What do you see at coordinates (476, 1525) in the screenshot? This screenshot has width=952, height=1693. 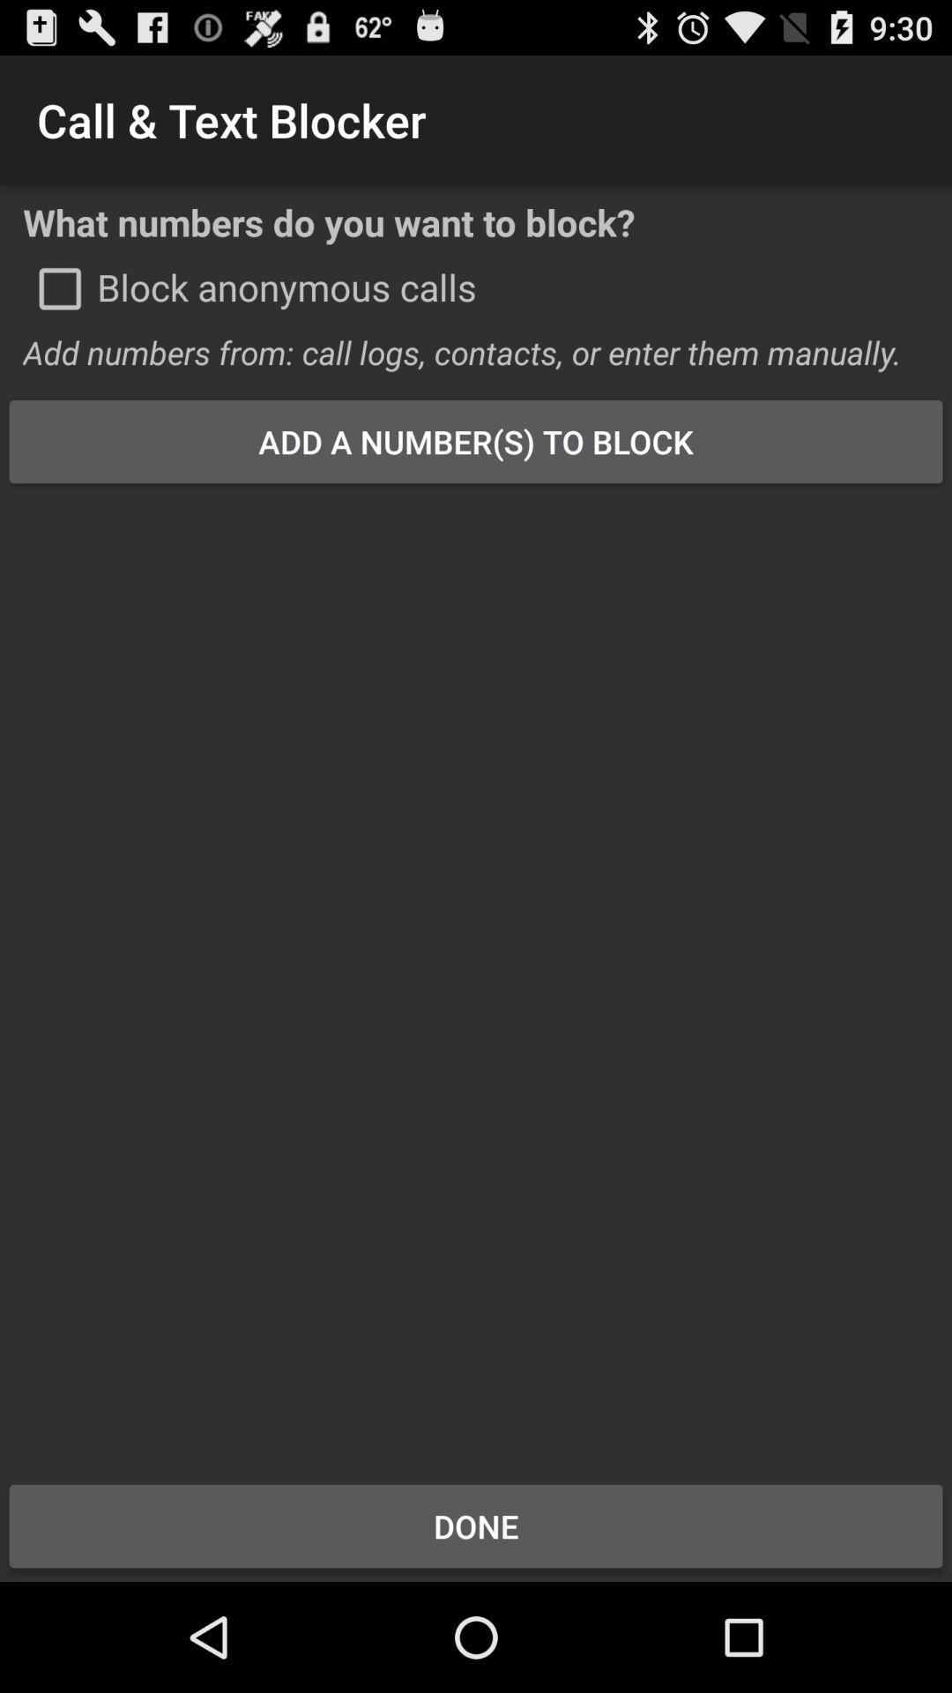 I see `button at the bottom` at bounding box center [476, 1525].